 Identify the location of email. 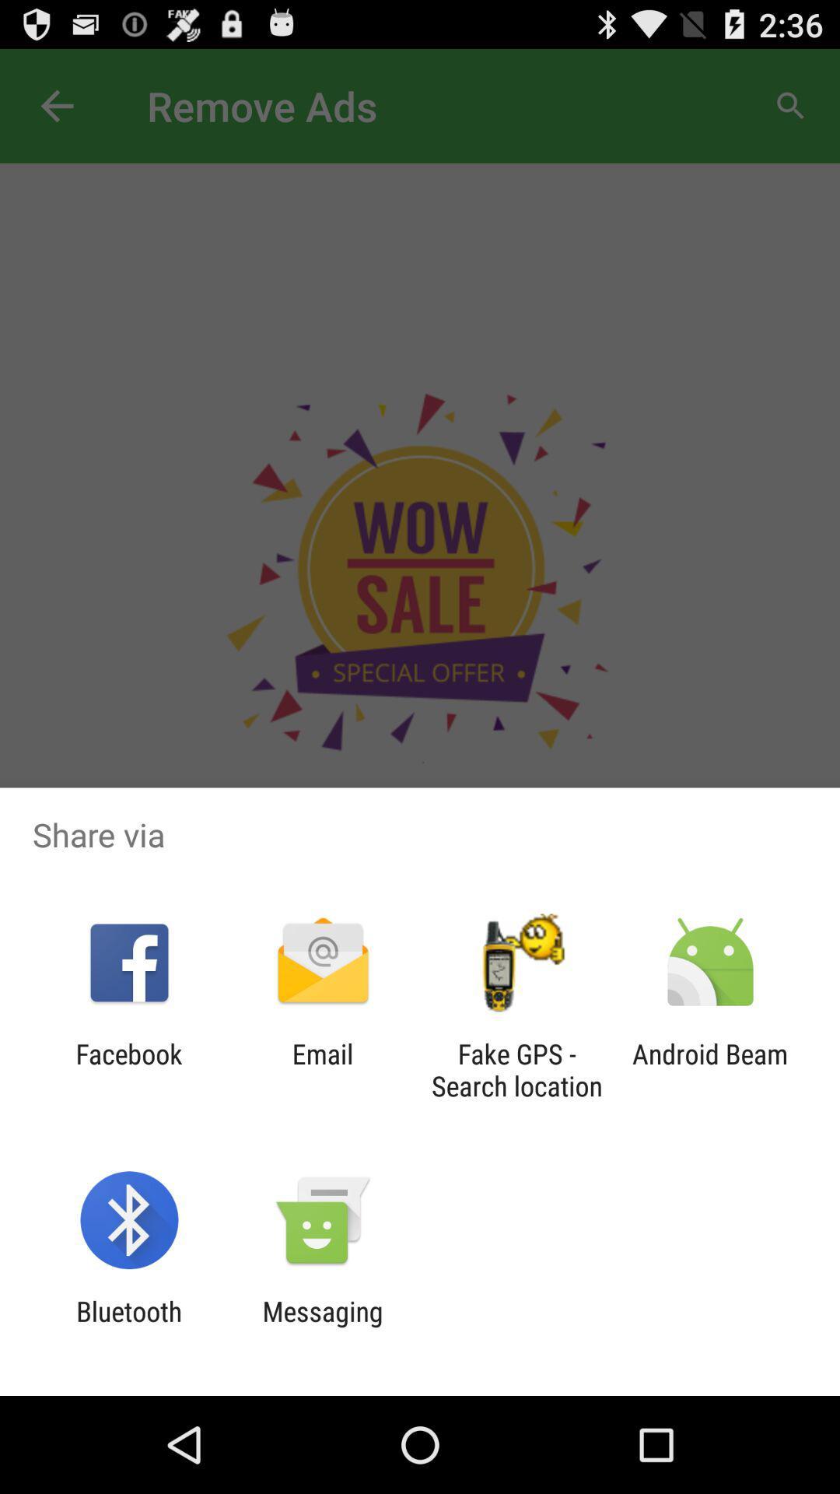
(322, 1069).